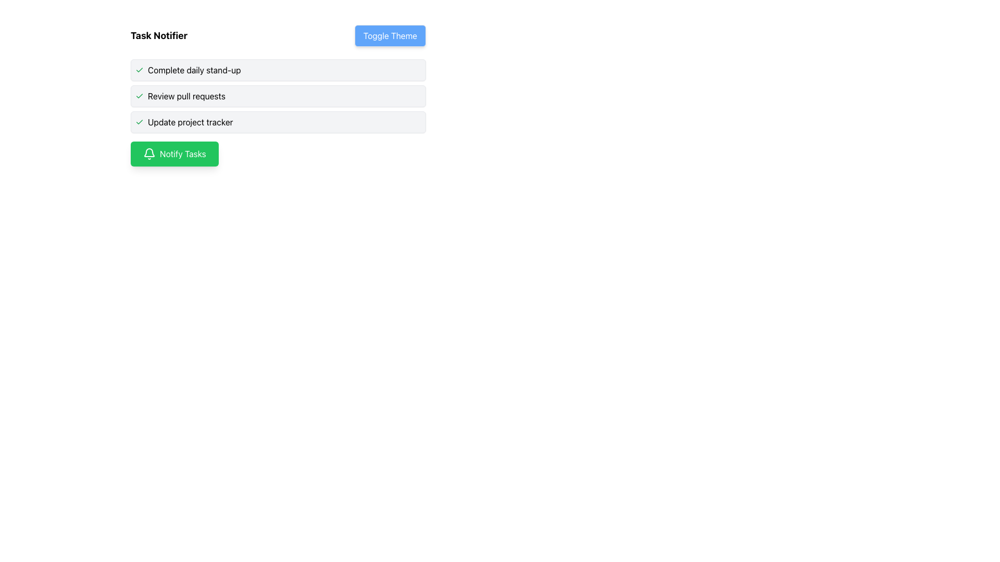 Image resolution: width=1000 pixels, height=562 pixels. I want to click on the 'Notify Tasks' button, which has a green background and white text, located at the bottom of the list under the previous review buttons, so click(174, 154).